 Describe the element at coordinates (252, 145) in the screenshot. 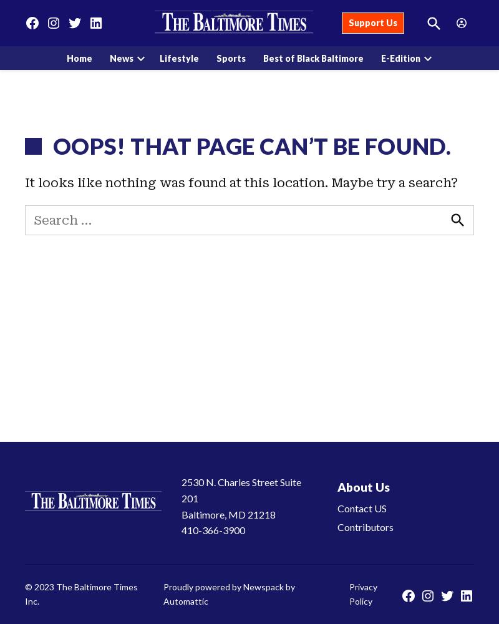

I see `'Oops! That page can’t be found.'` at that location.